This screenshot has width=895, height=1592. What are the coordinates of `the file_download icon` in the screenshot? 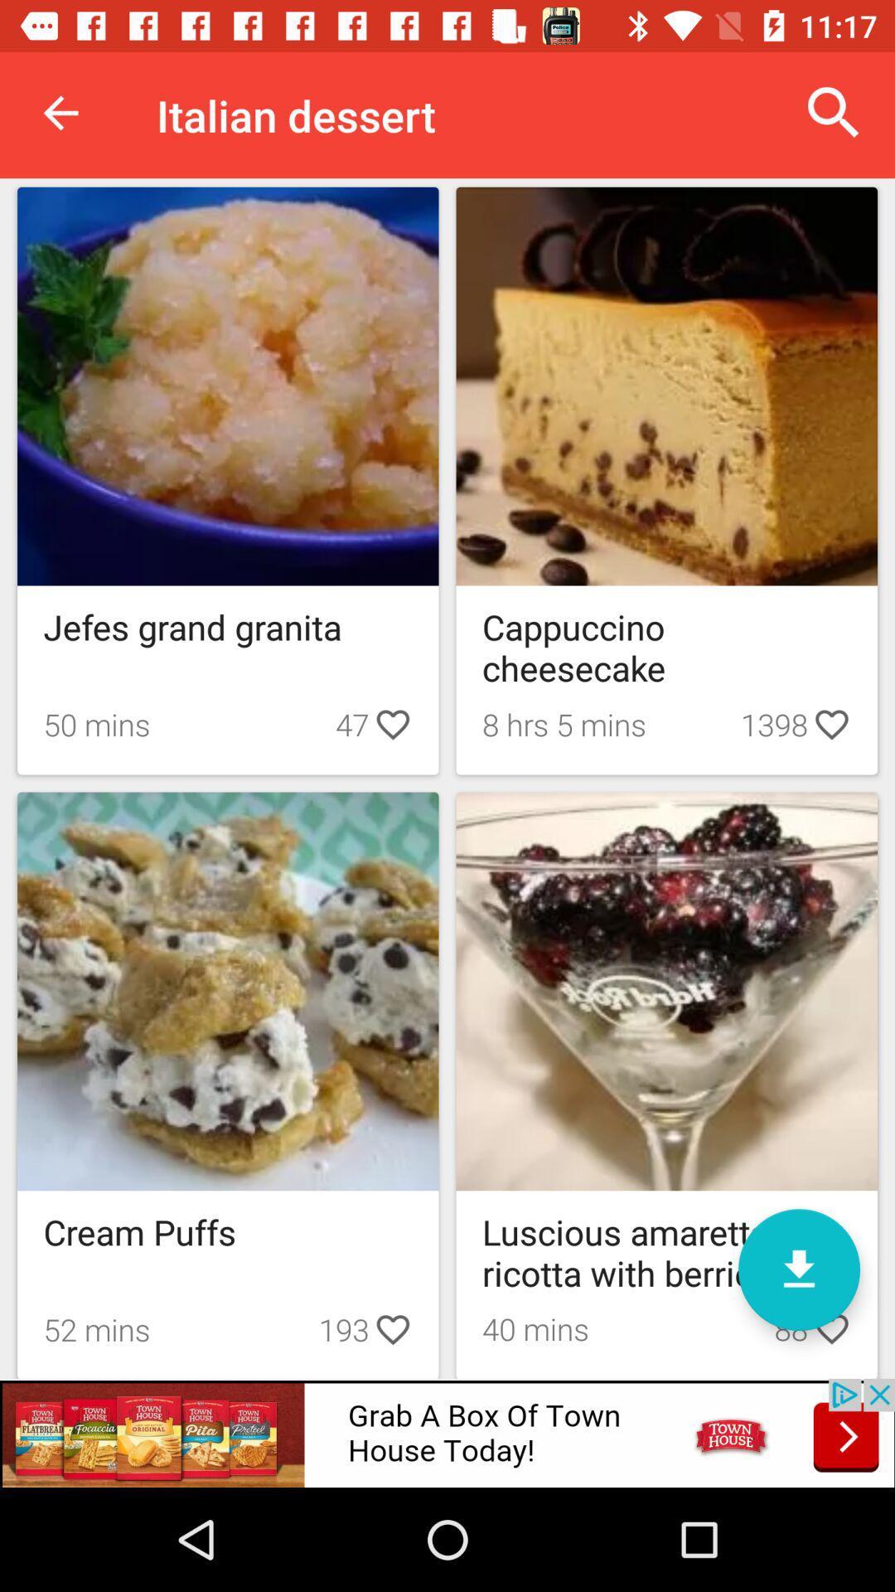 It's located at (798, 1269).